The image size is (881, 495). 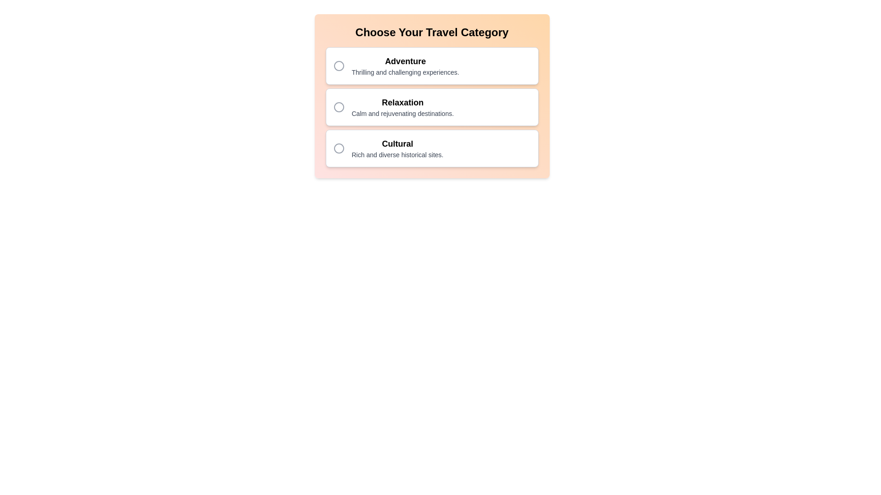 I want to click on the 'Cultural' travel category option located in the third position of the vertically stacked list under the header 'Choose Your Travel Category.', so click(x=397, y=148).